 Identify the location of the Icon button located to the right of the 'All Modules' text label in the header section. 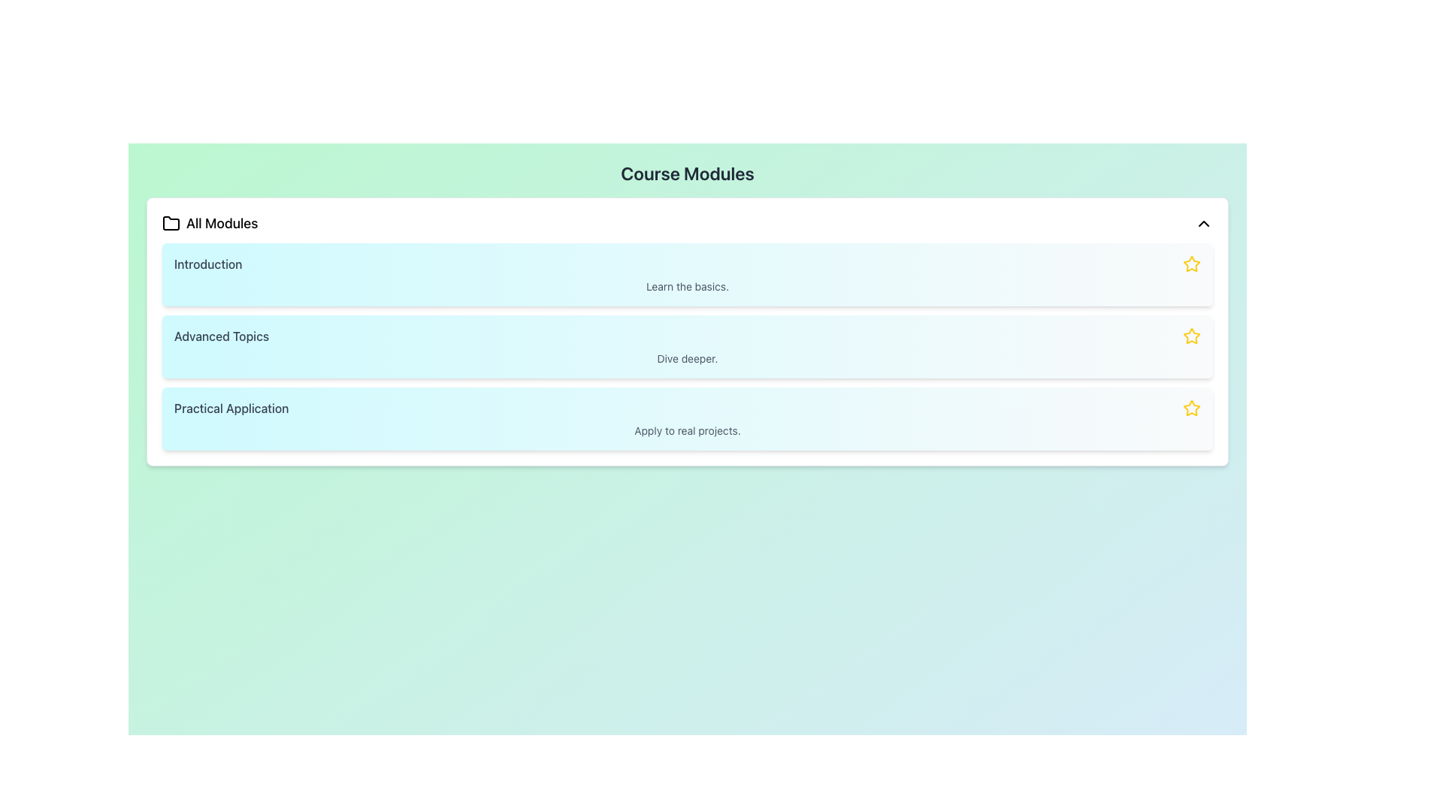
(1204, 223).